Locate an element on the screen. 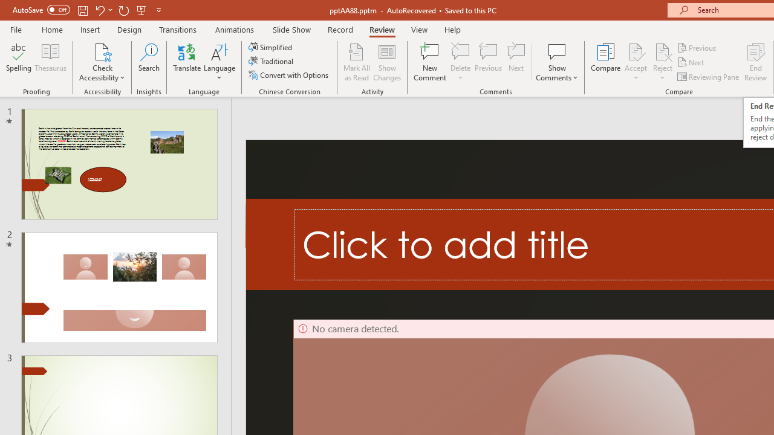  'Traditional' is located at coordinates (271, 61).